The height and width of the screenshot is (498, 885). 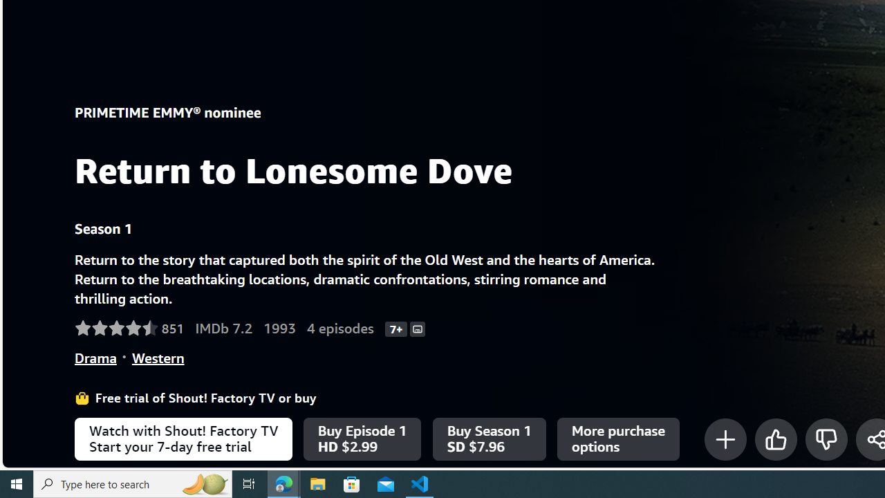 What do you see at coordinates (826, 439) in the screenshot?
I see `'Class: mO+eGr'` at bounding box center [826, 439].